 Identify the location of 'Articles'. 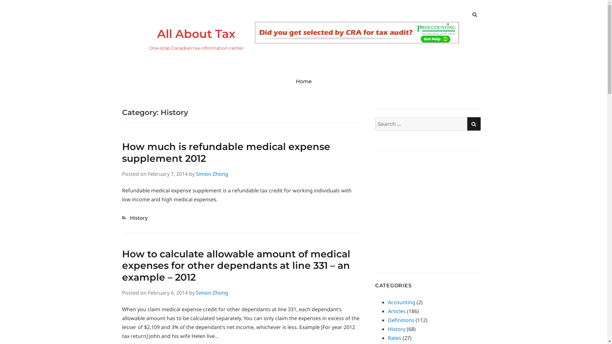
(396, 311).